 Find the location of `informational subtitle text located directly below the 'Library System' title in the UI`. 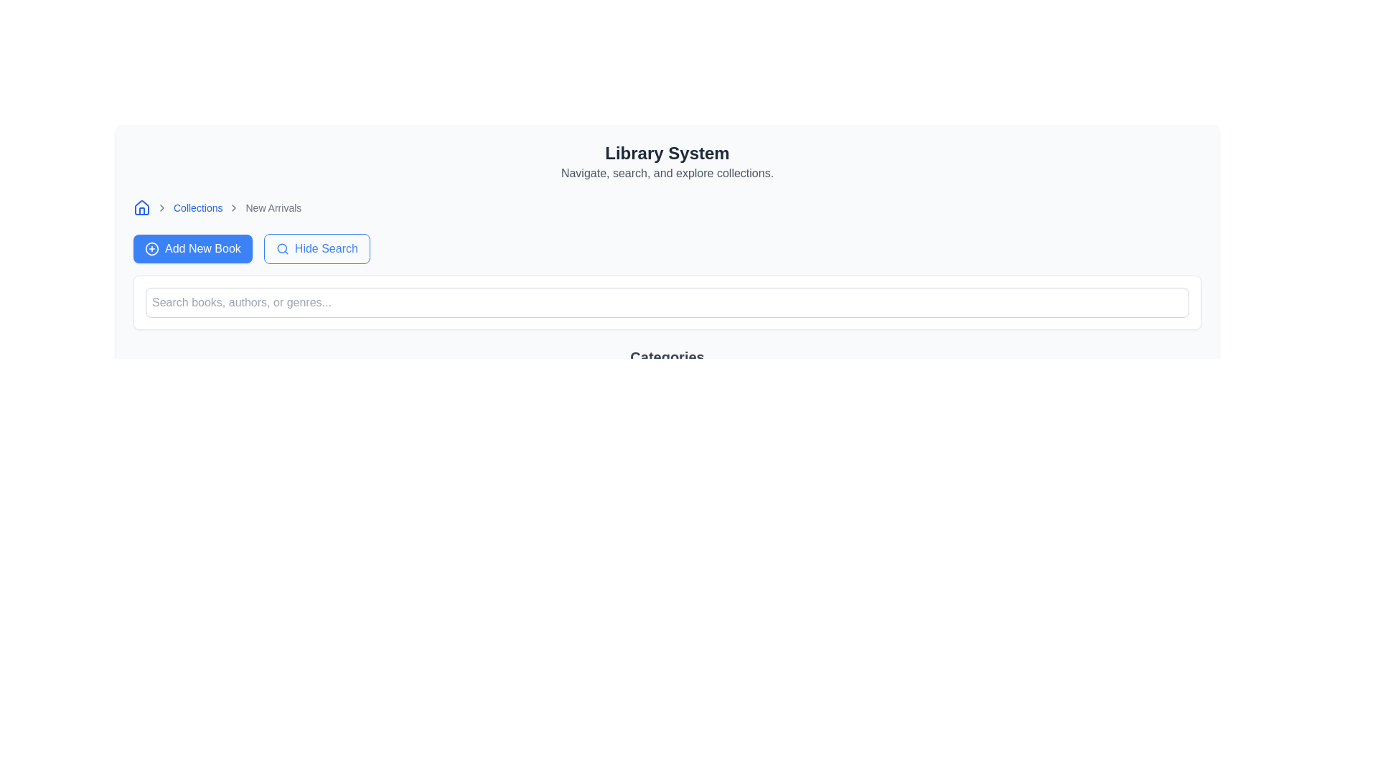

informational subtitle text located directly below the 'Library System' title in the UI is located at coordinates (667, 173).